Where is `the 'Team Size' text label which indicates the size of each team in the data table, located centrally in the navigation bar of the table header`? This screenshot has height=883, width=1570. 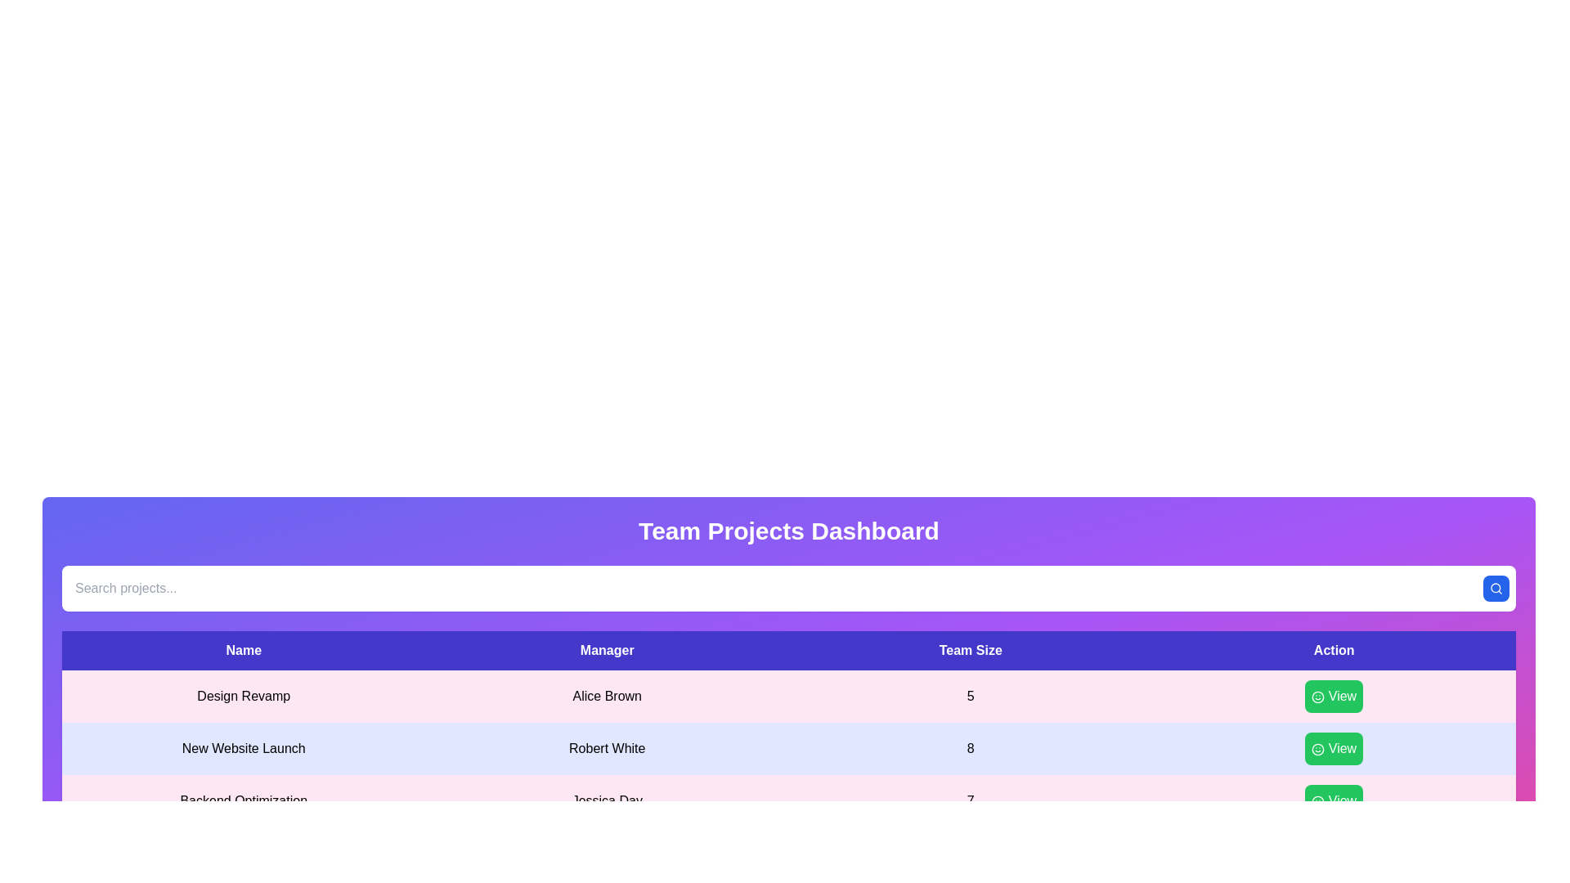
the 'Team Size' text label which indicates the size of each team in the data table, located centrally in the navigation bar of the table header is located at coordinates (971, 649).